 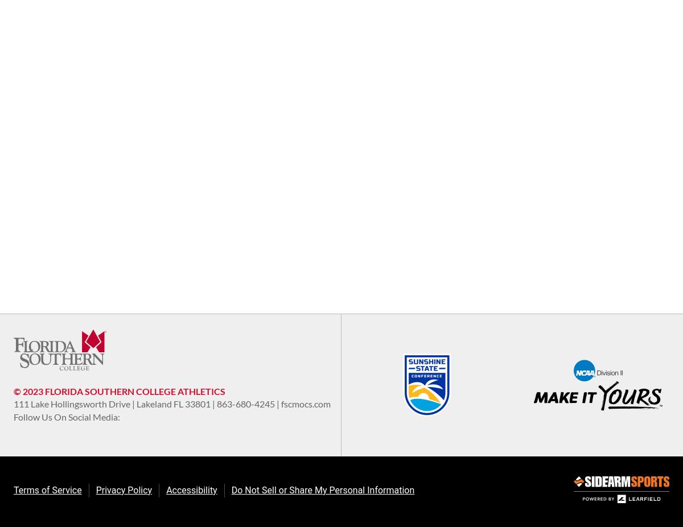 What do you see at coordinates (246, 404) in the screenshot?
I see `'863-680-4245'` at bounding box center [246, 404].